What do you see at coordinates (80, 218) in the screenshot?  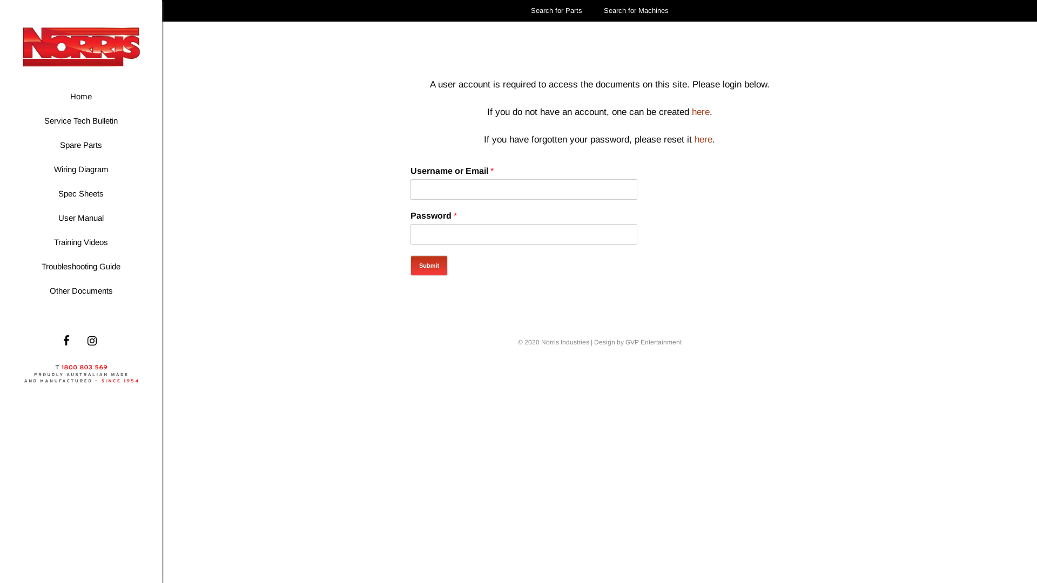 I see `'User Manual'` at bounding box center [80, 218].